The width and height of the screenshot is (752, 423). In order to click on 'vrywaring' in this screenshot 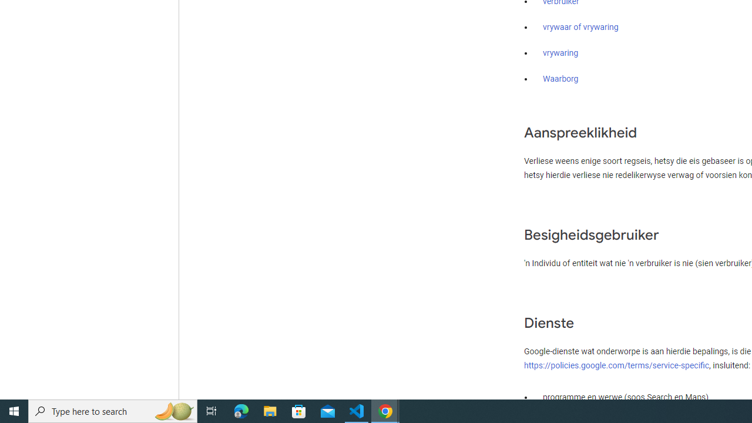, I will do `click(560, 53)`.